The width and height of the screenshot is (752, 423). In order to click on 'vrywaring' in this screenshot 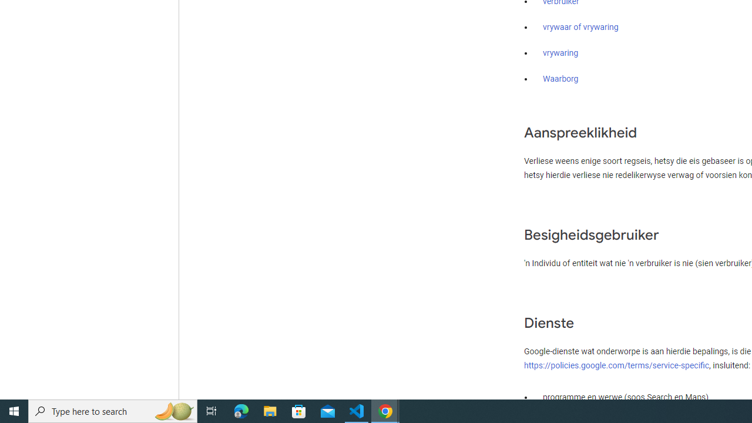, I will do `click(560, 53)`.